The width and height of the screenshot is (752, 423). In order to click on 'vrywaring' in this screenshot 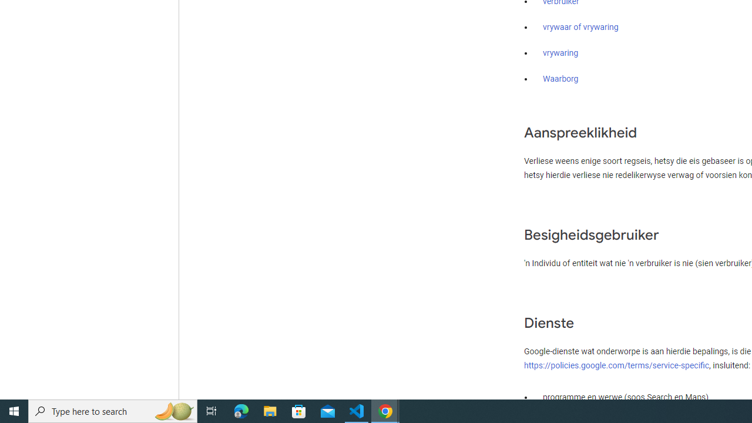, I will do `click(560, 53)`.